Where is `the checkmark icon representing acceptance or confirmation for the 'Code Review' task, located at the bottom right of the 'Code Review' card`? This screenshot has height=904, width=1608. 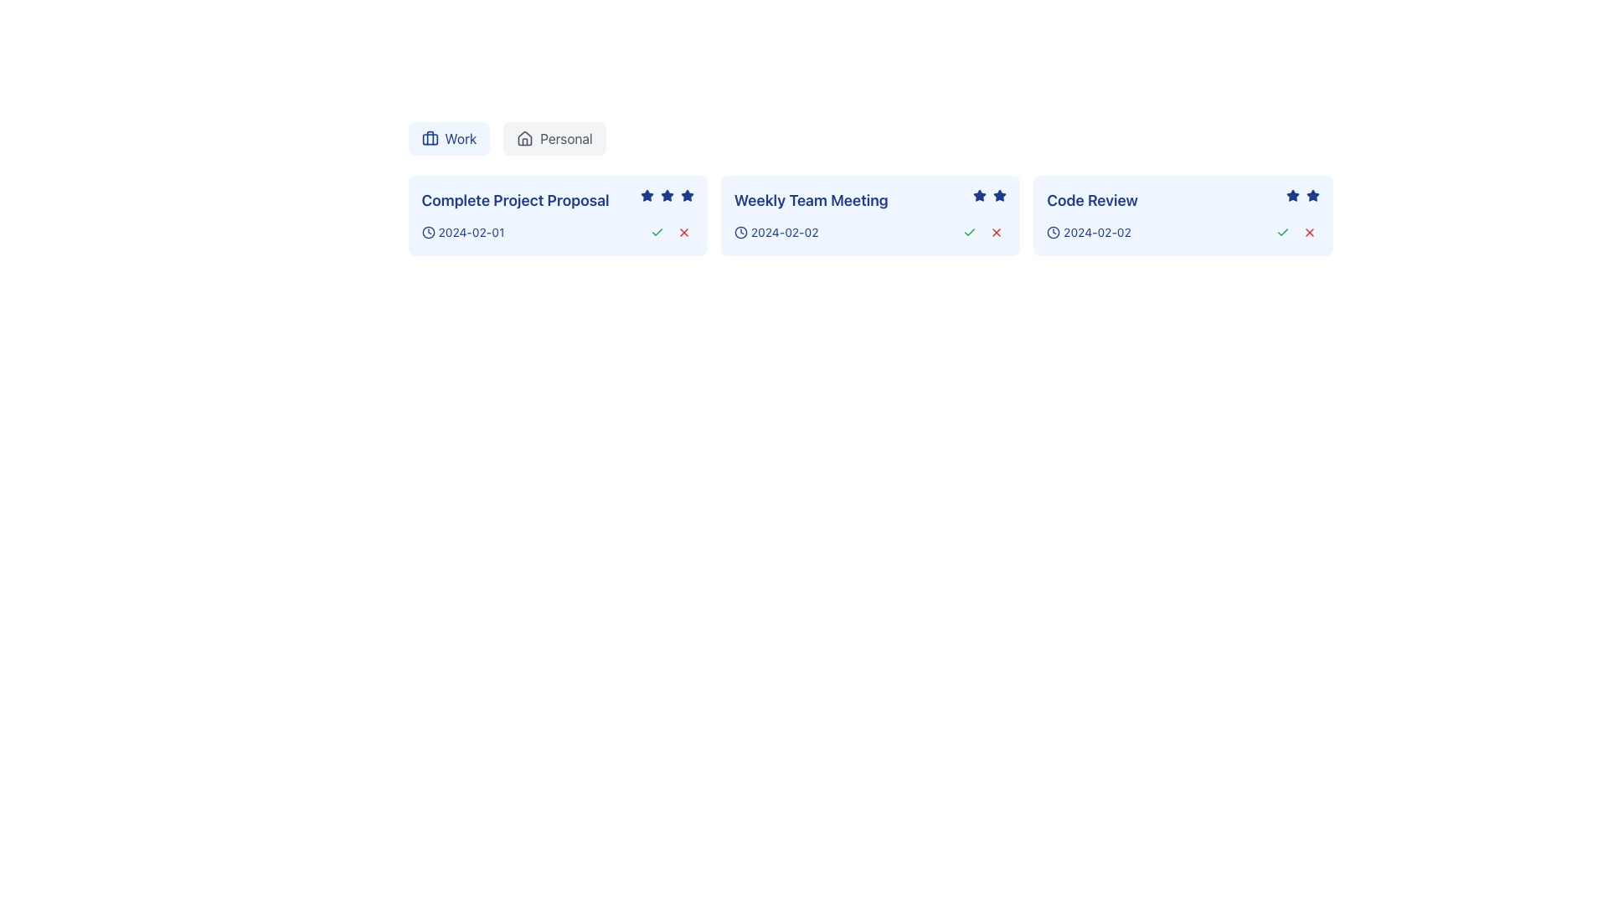 the checkmark icon representing acceptance or confirmation for the 'Code Review' task, located at the bottom right of the 'Code Review' card is located at coordinates (1281, 232).